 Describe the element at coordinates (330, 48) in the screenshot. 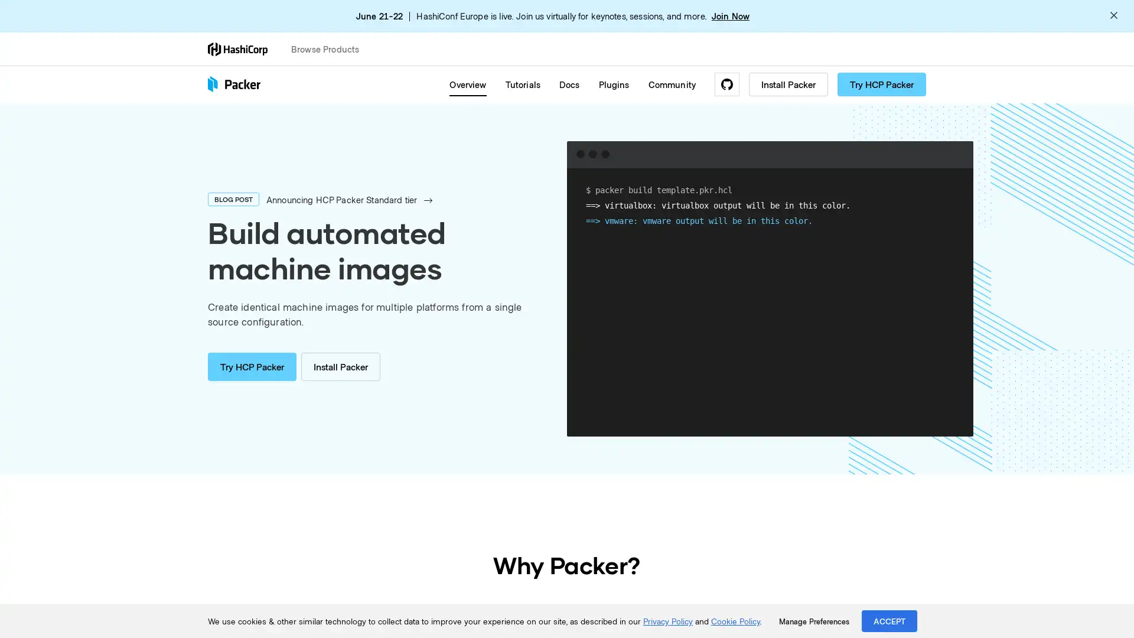

I see `Browse Products Open this menu` at that location.